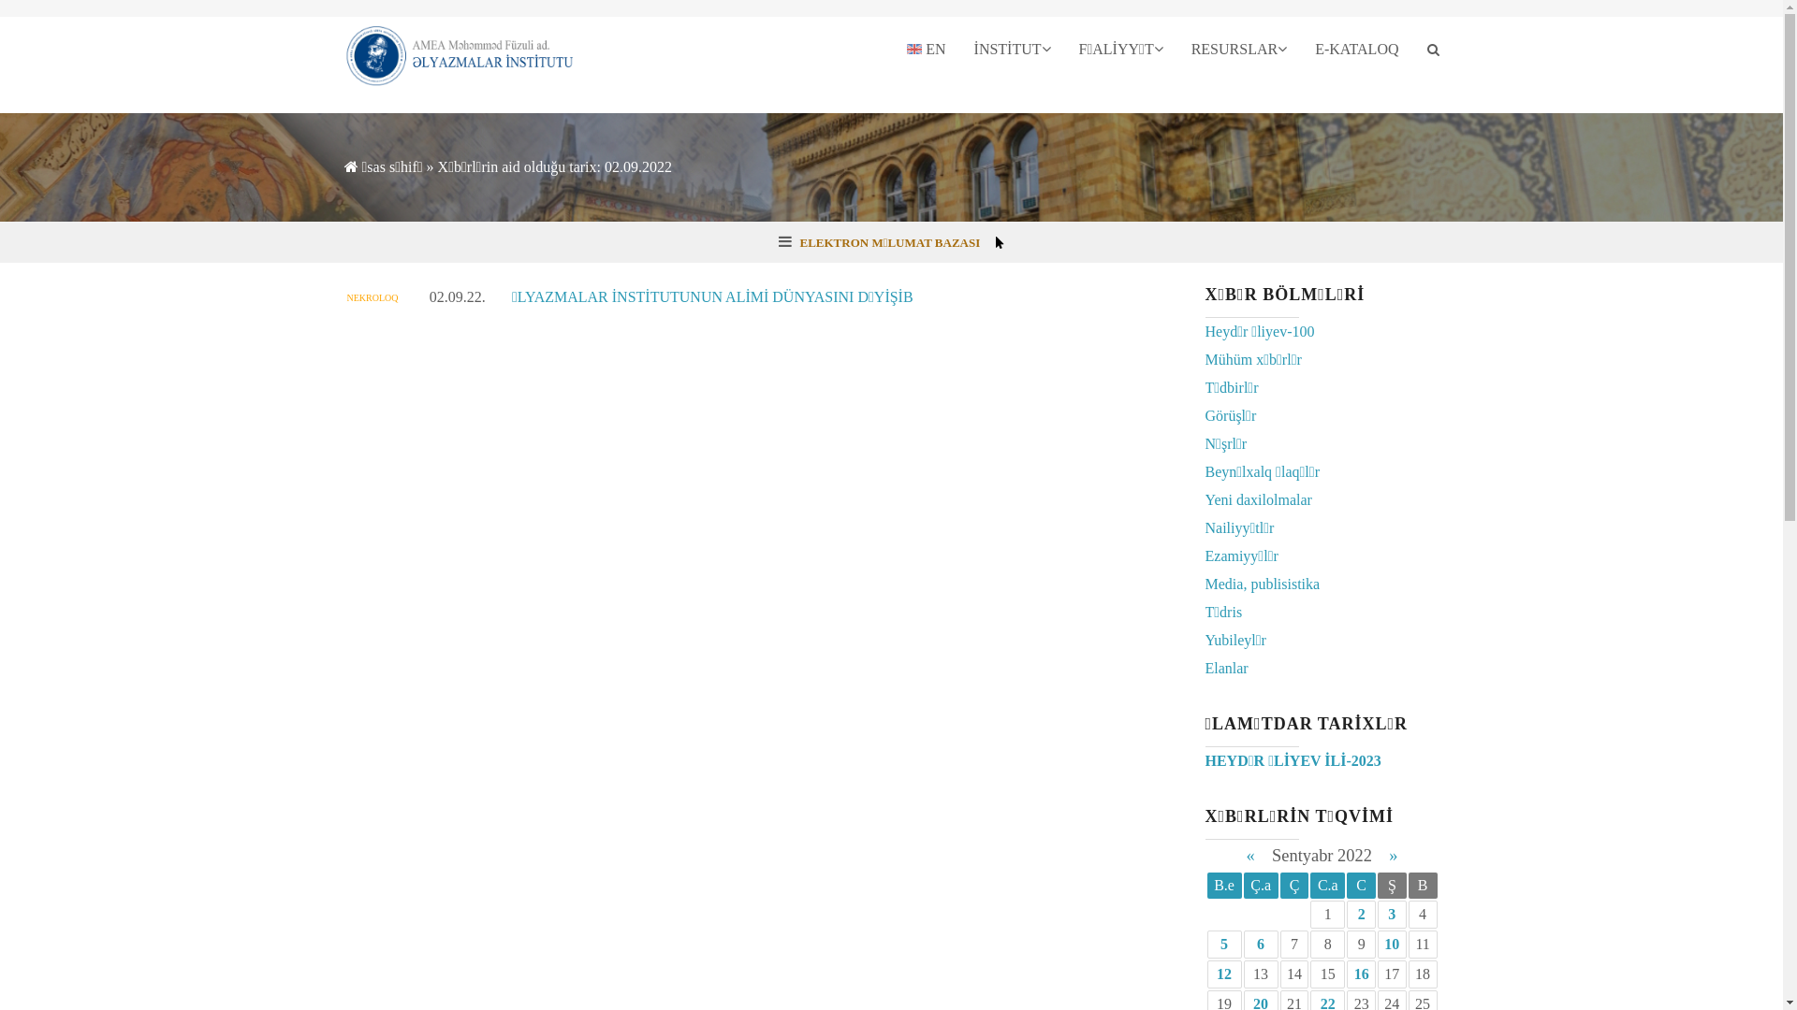 This screenshot has width=1797, height=1010. What do you see at coordinates (1205, 498) in the screenshot?
I see `'Yeni daxilolmalar'` at bounding box center [1205, 498].